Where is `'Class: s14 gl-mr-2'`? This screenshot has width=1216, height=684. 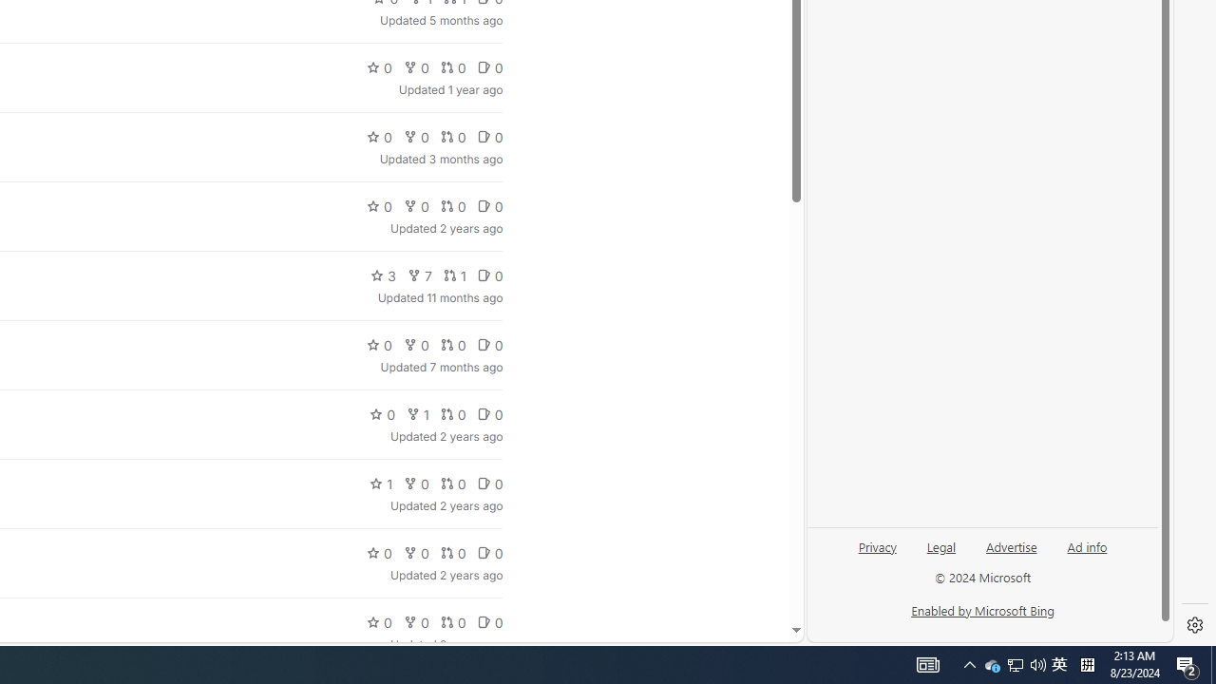 'Class: s14 gl-mr-2' is located at coordinates (484, 622).